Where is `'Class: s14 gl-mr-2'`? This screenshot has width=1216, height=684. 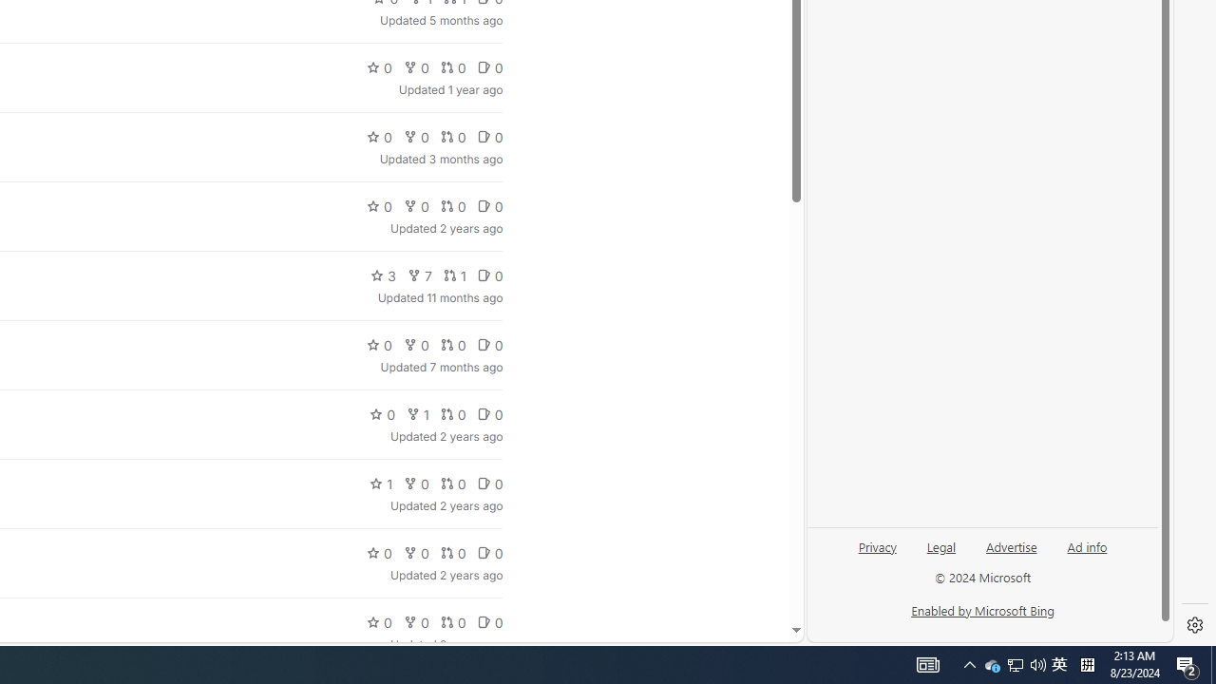 'Class: s14 gl-mr-2' is located at coordinates (484, 622).